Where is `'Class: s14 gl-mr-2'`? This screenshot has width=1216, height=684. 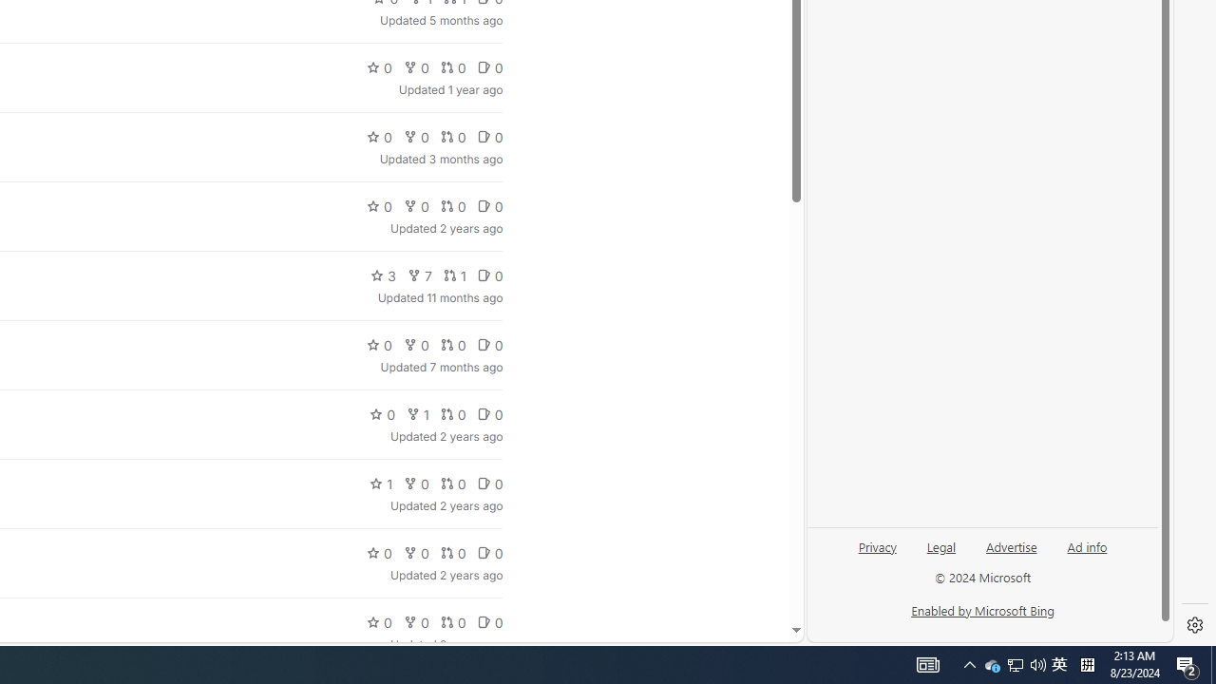 'Class: s14 gl-mr-2' is located at coordinates (484, 622).